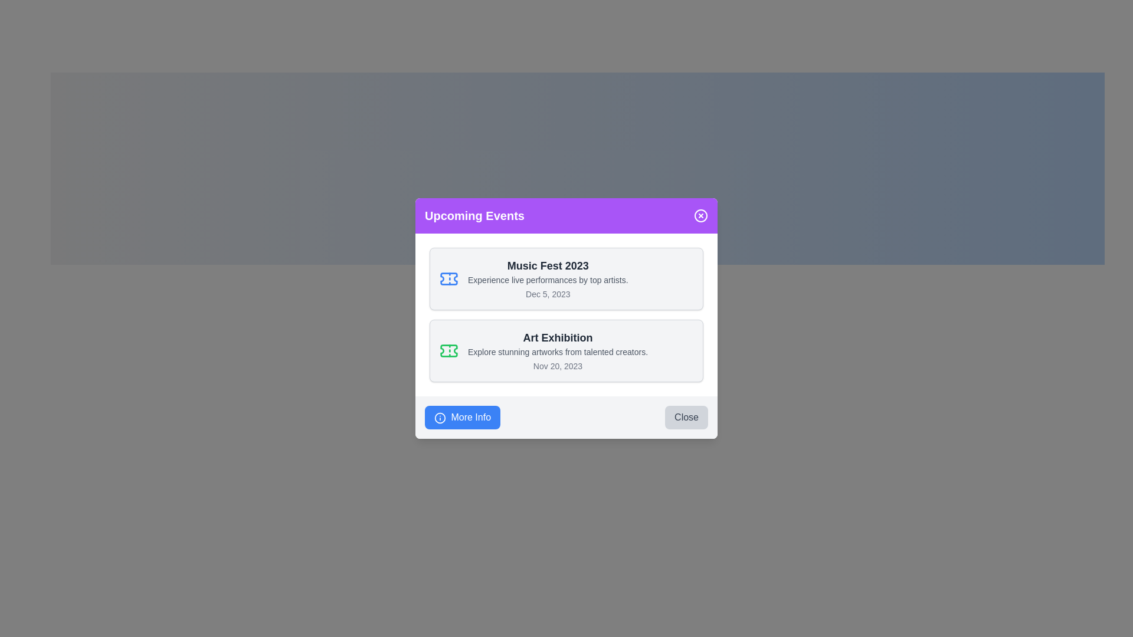  What do you see at coordinates (448, 279) in the screenshot?
I see `the blue-themed ticket icon located to the left of the 'Music Fest 2023' text block` at bounding box center [448, 279].